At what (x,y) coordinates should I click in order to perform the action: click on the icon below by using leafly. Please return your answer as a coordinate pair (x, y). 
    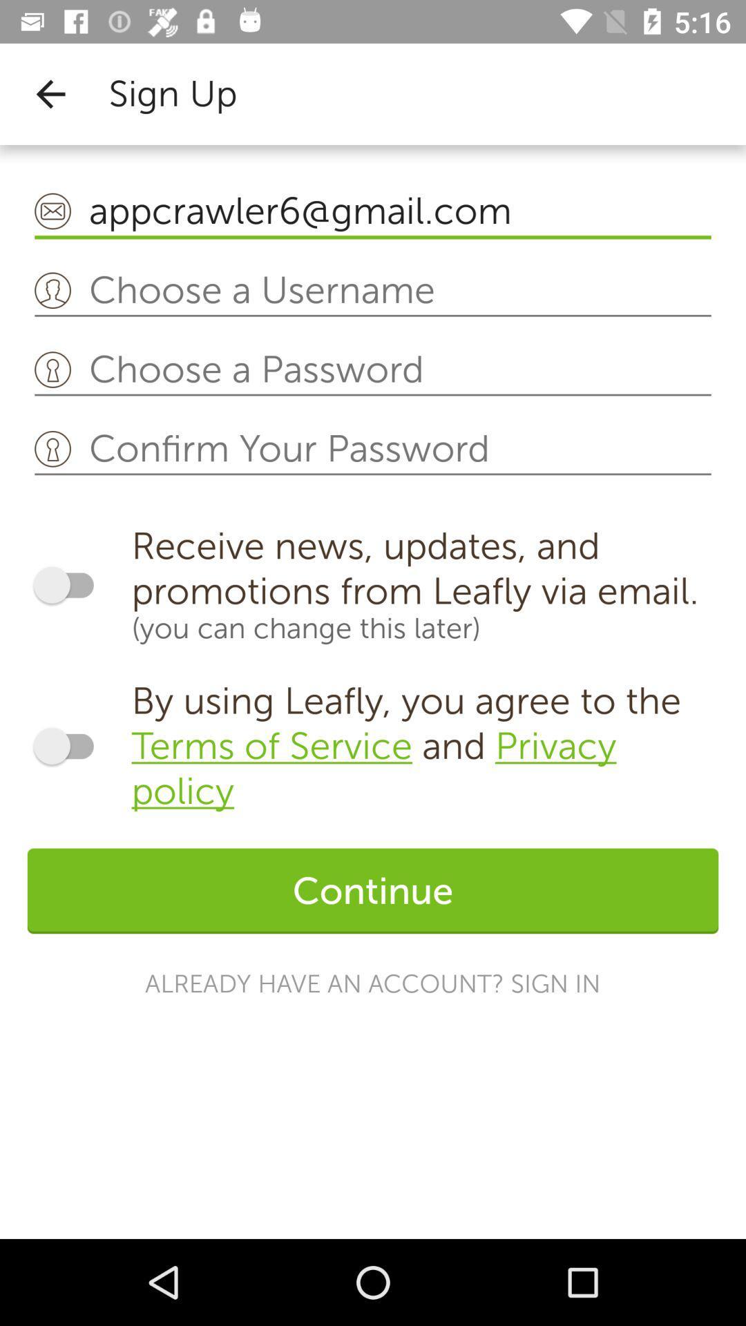
    Looking at the image, I should click on (373, 891).